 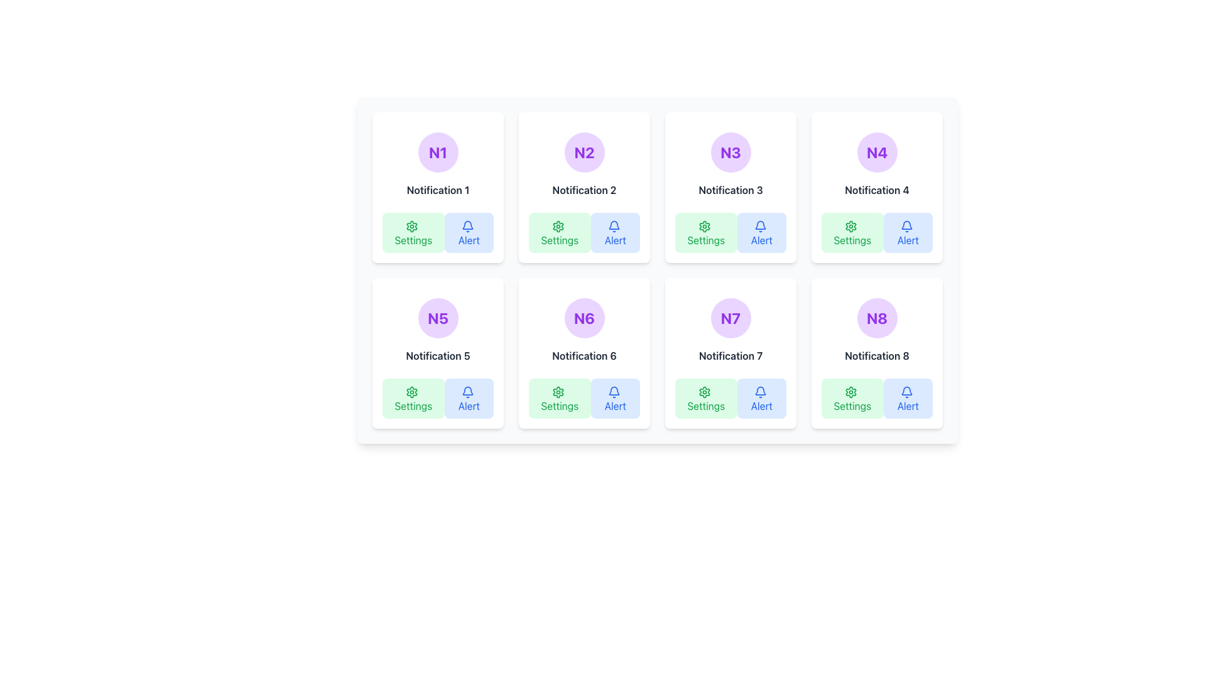 What do you see at coordinates (731, 152) in the screenshot?
I see `the Circular badge that serves as a title or identifier for the card representing 'Notification 3', positioned at the center-top of the card` at bounding box center [731, 152].